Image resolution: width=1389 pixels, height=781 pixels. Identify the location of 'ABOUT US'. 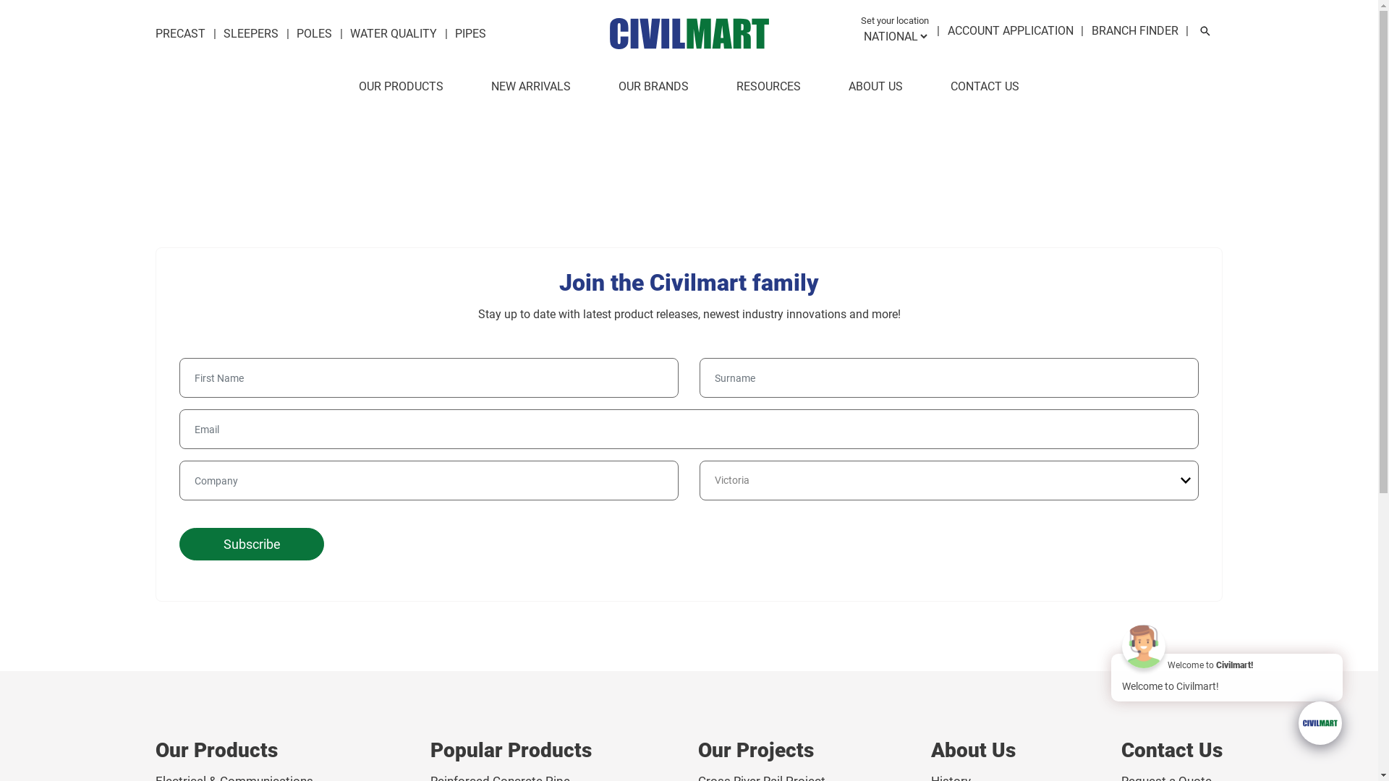
(875, 88).